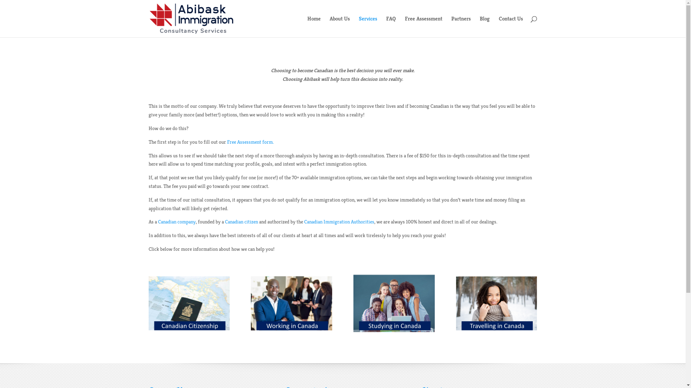  I want to click on 'Canadian company', so click(157, 221).